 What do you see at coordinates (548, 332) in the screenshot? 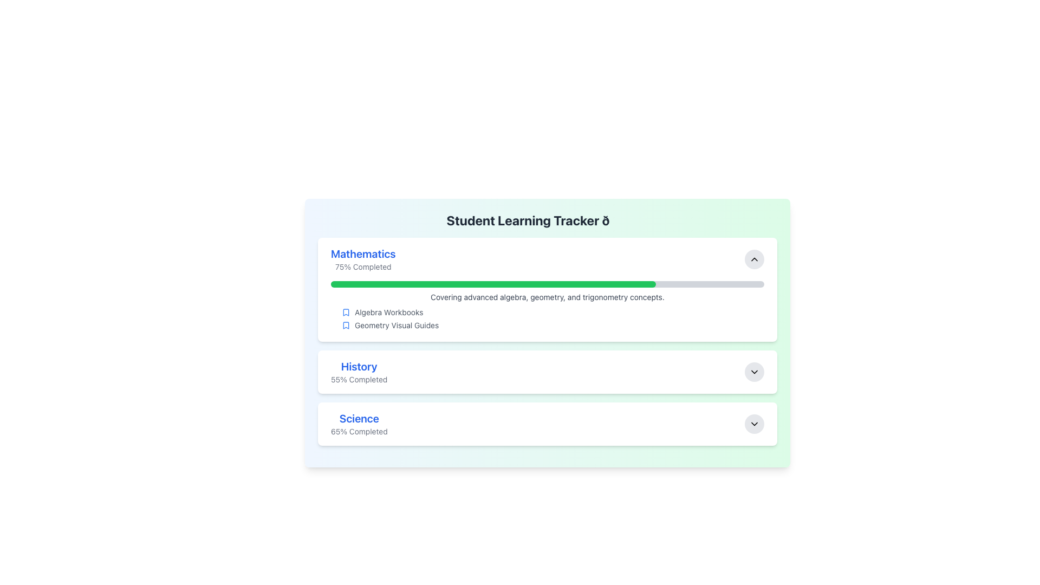
I see `the interactive icons within the progress tracker element` at bounding box center [548, 332].